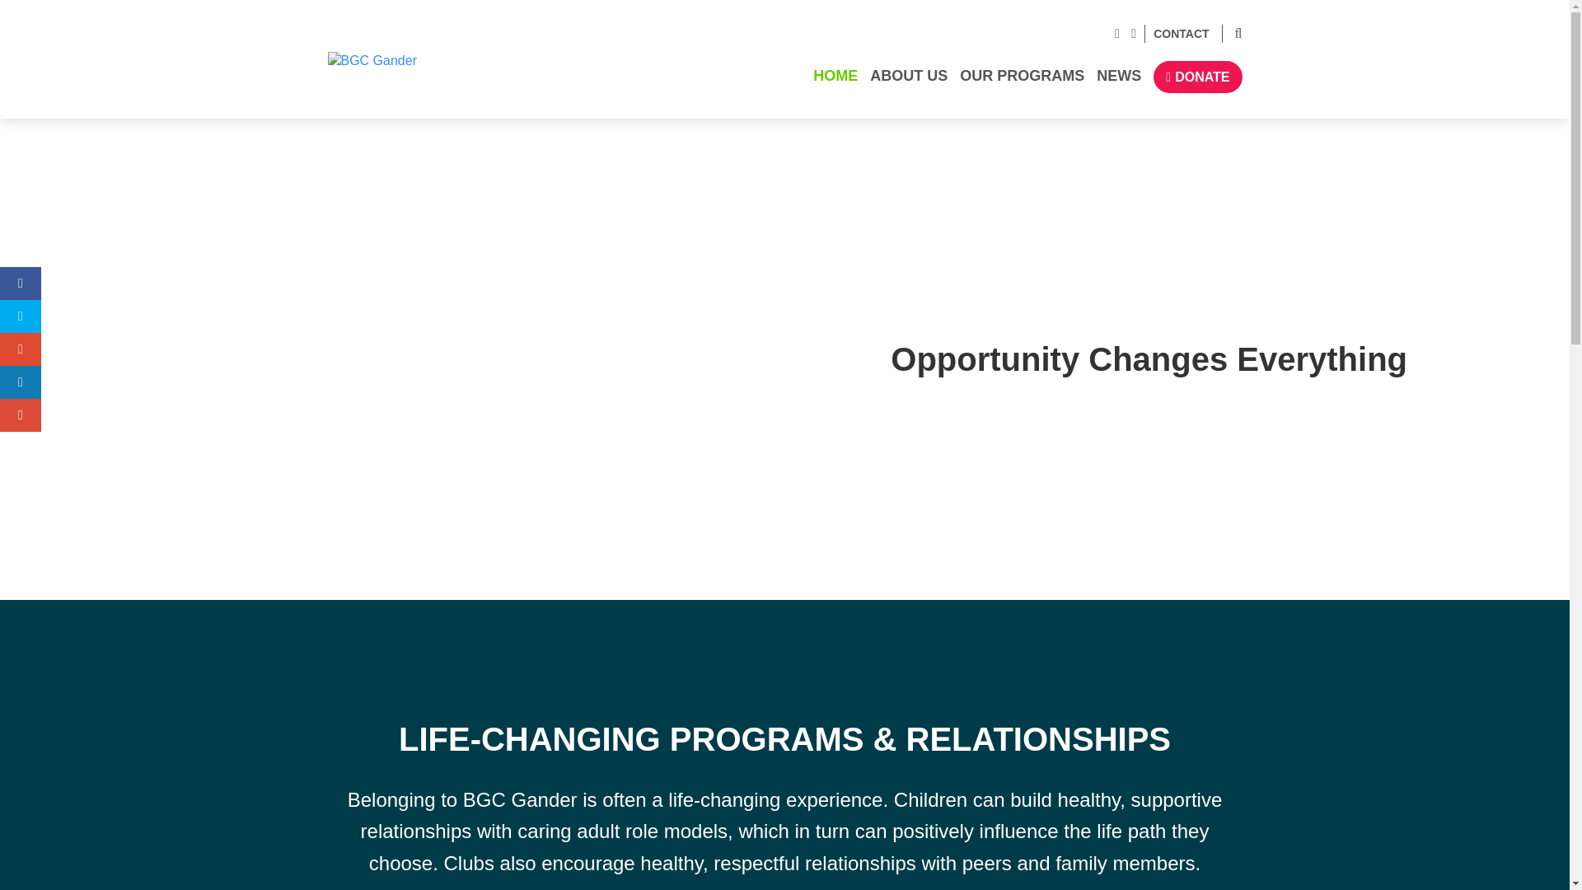 The width and height of the screenshot is (1582, 890). What do you see at coordinates (1197, 77) in the screenshot?
I see `'DONATE'` at bounding box center [1197, 77].